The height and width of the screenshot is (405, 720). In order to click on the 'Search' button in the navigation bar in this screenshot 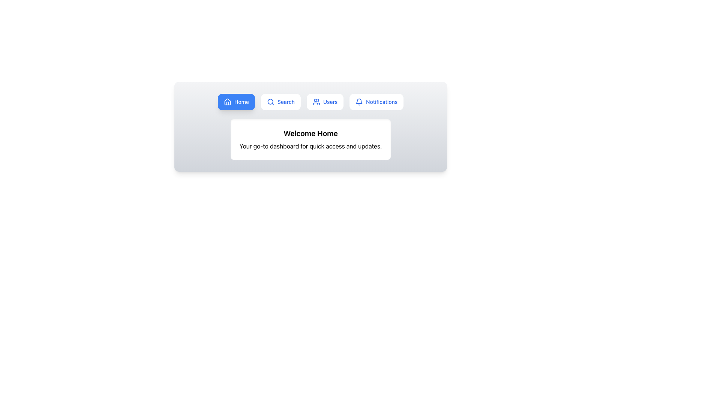, I will do `click(280, 102)`.